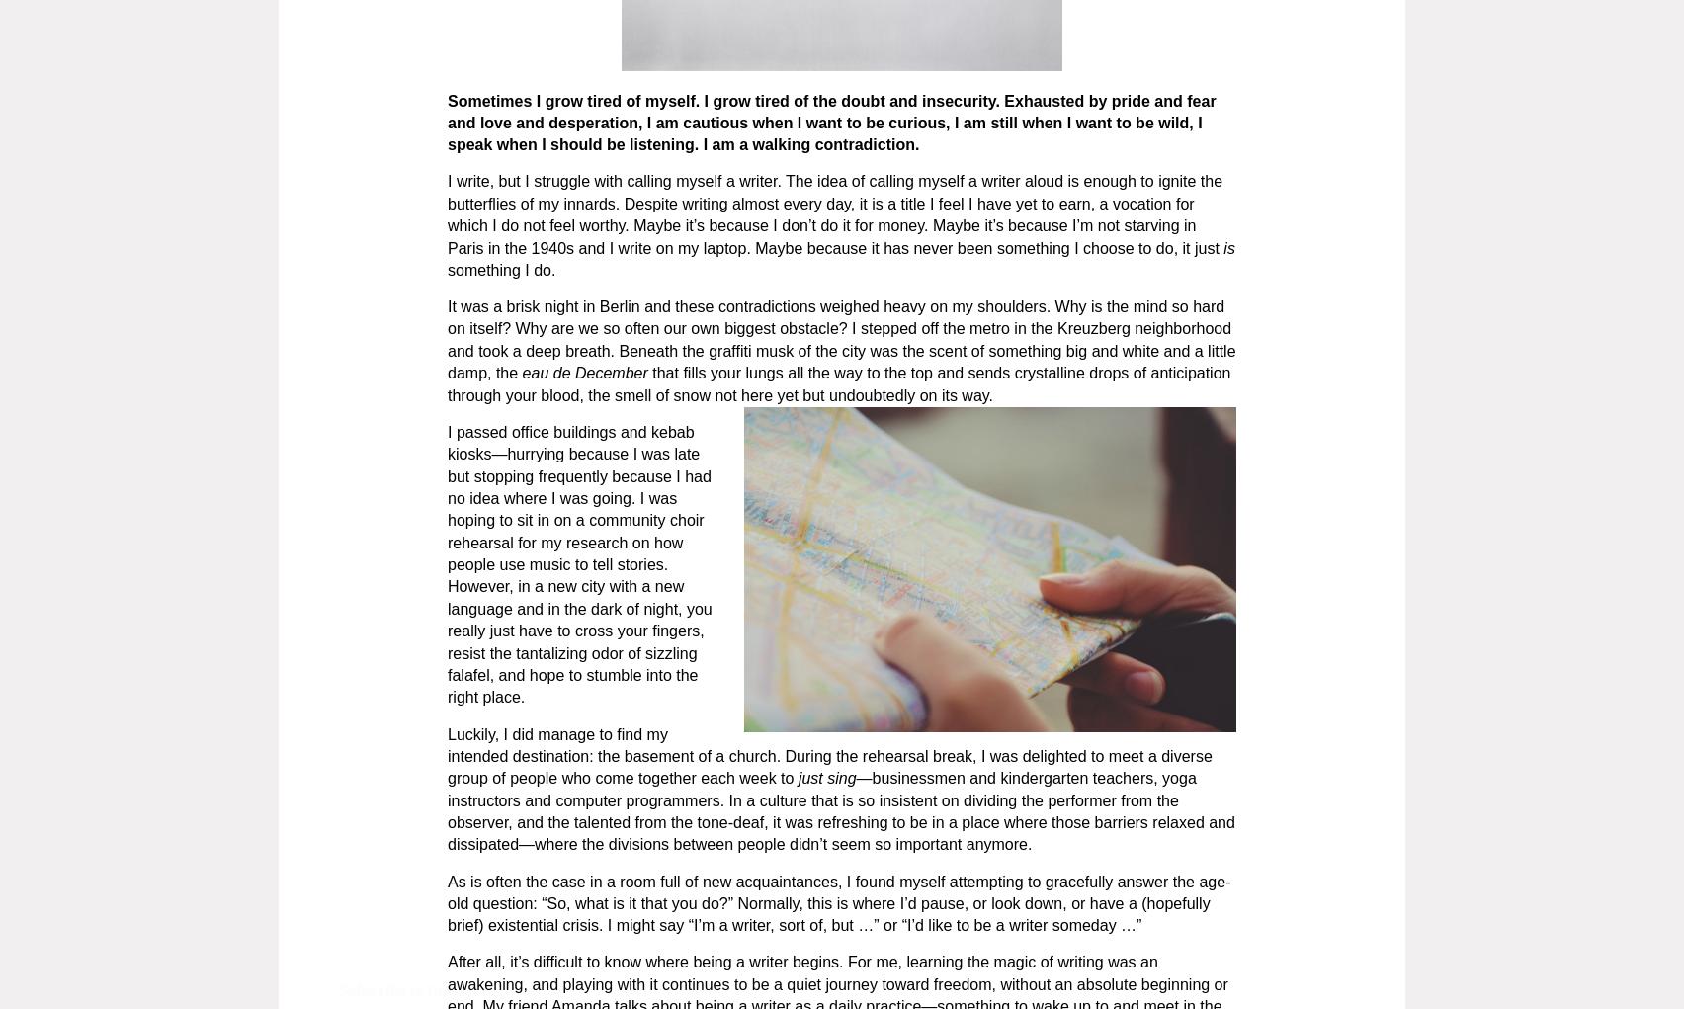  Describe the element at coordinates (1227, 246) in the screenshot. I see `'is'` at that location.